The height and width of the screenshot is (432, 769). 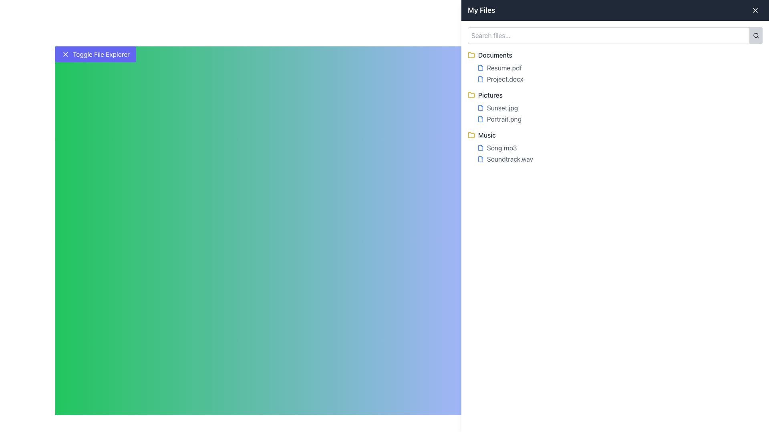 What do you see at coordinates (481, 79) in the screenshot?
I see `the blue file icon representing 'Project.docx' located in the 'My Files' section under 'Documents'` at bounding box center [481, 79].